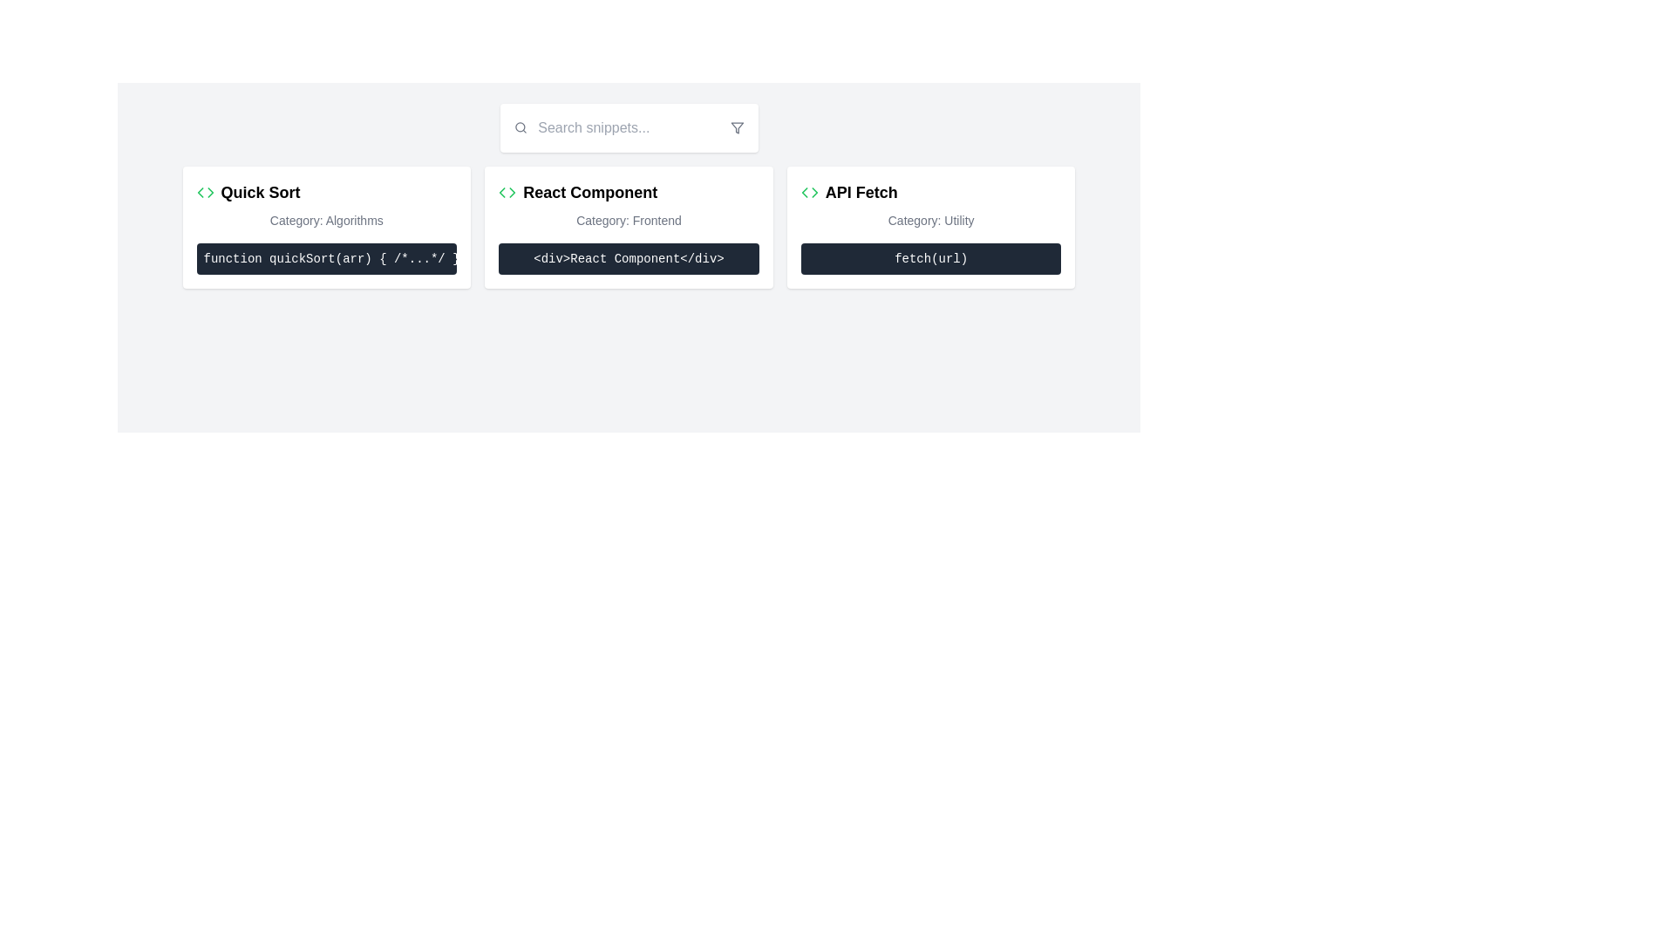  Describe the element at coordinates (519, 126) in the screenshot. I see `the hollow circular SVG element that is part of the search icon located in the center-right section of the interface` at that location.